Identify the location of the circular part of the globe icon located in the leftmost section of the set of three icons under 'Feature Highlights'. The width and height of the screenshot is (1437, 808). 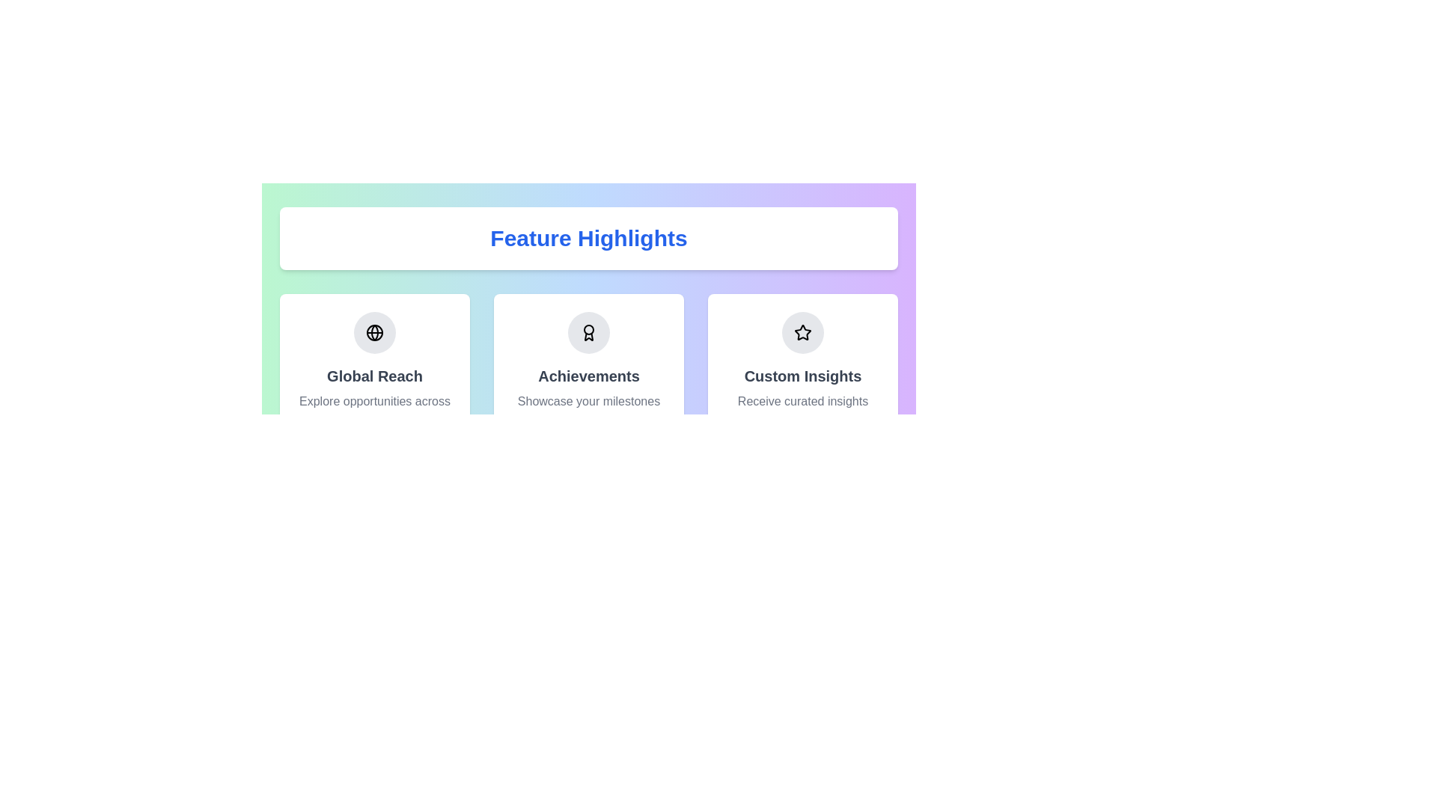
(374, 331).